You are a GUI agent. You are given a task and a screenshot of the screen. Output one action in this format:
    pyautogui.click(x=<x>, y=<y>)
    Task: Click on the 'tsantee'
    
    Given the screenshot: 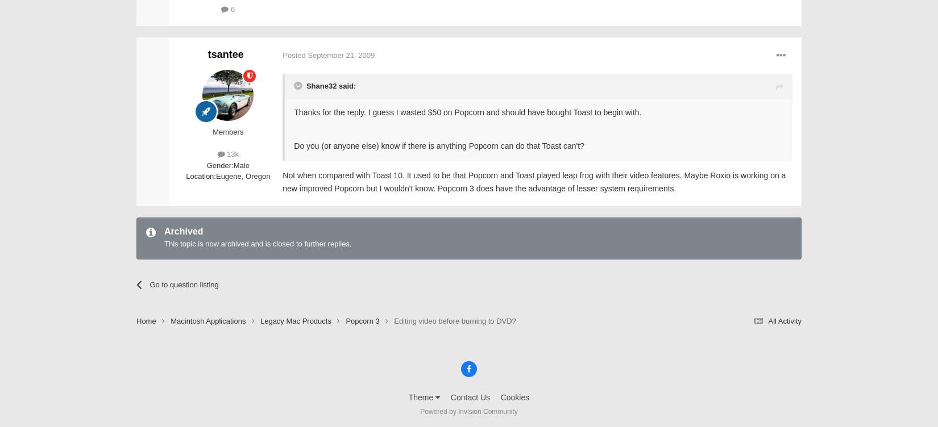 What is the action you would take?
    pyautogui.click(x=225, y=54)
    